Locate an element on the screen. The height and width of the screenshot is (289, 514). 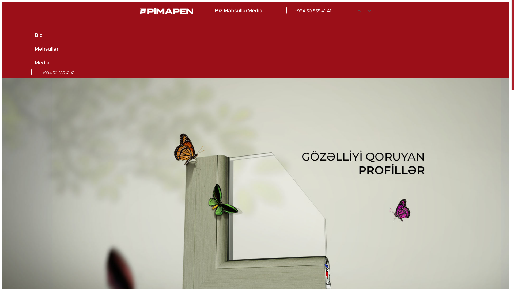
'+994 50 555 41 41' is located at coordinates (313, 11).